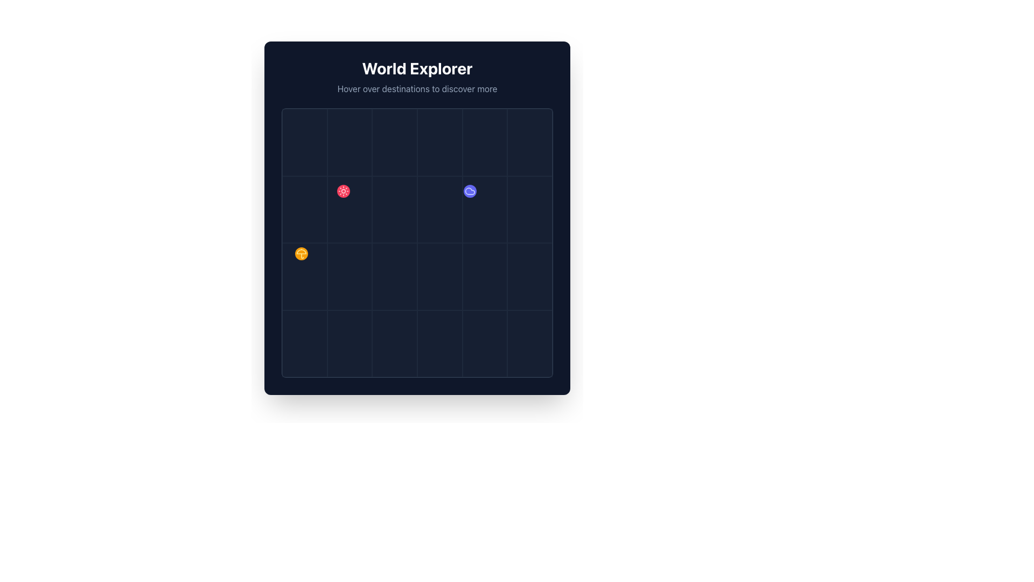 Image resolution: width=1034 pixels, height=582 pixels. What do you see at coordinates (416, 88) in the screenshot?
I see `the descriptive text element located centrally below the heading 'World Explorer', which informs users about the functionality of the graphical elements below` at bounding box center [416, 88].